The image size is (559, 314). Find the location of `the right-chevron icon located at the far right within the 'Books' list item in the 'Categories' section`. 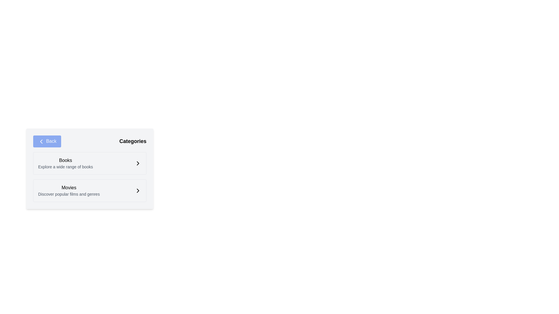

the right-chevron icon located at the far right within the 'Books' list item in the 'Categories' section is located at coordinates (138, 163).